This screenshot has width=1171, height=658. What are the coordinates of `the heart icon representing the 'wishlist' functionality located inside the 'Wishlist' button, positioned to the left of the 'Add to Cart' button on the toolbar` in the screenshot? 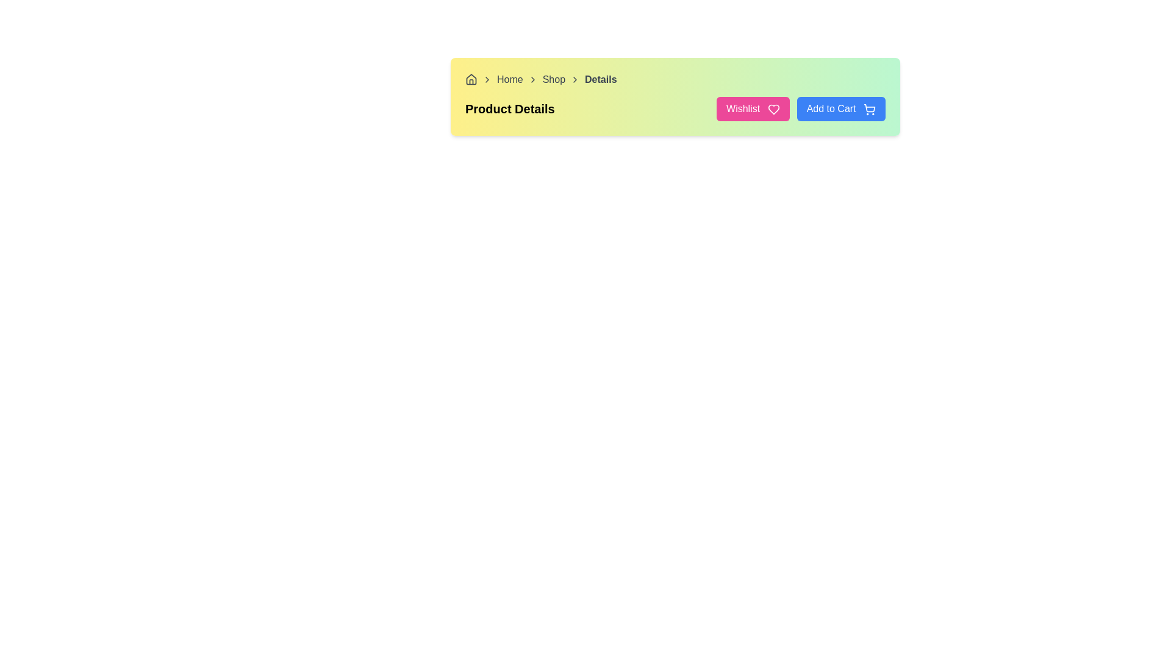 It's located at (773, 108).